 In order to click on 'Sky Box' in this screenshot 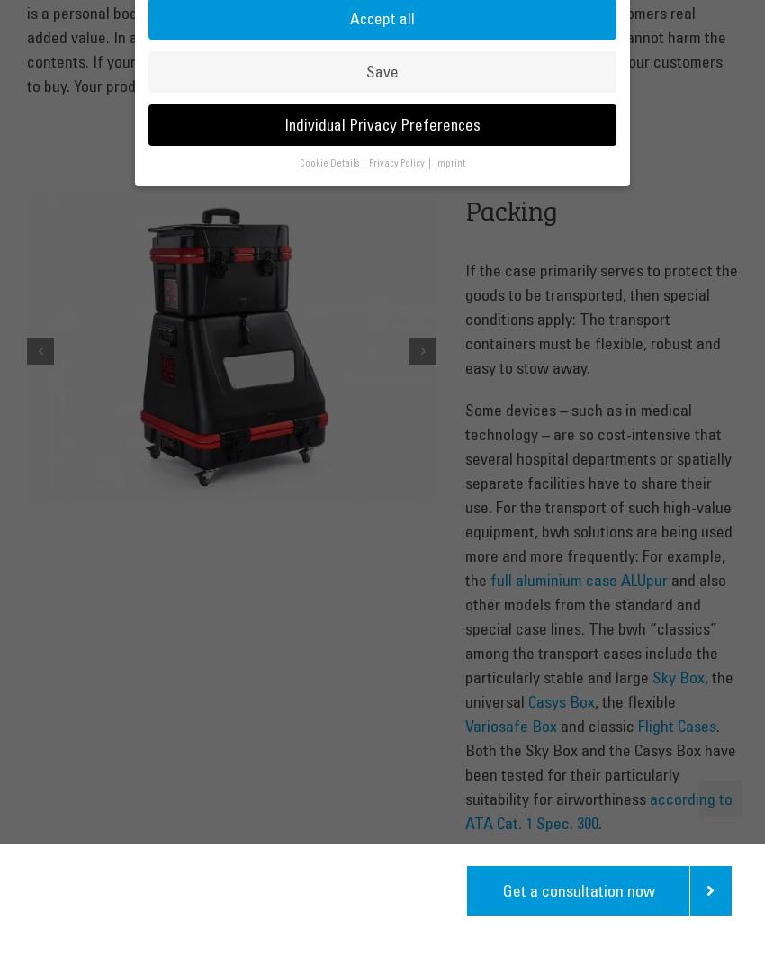, I will do `click(678, 675)`.